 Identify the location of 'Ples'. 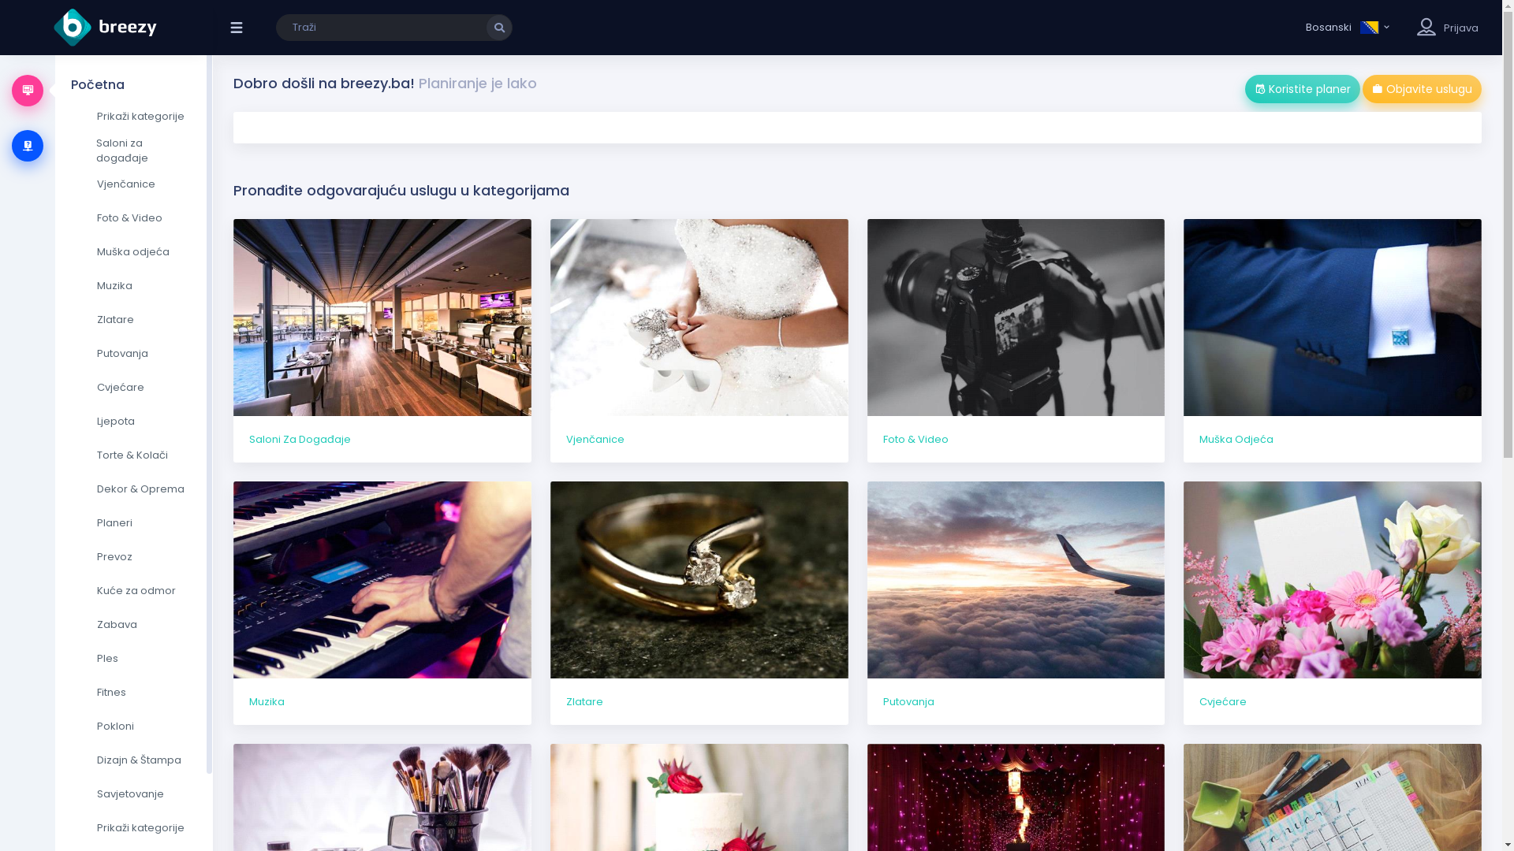
(133, 659).